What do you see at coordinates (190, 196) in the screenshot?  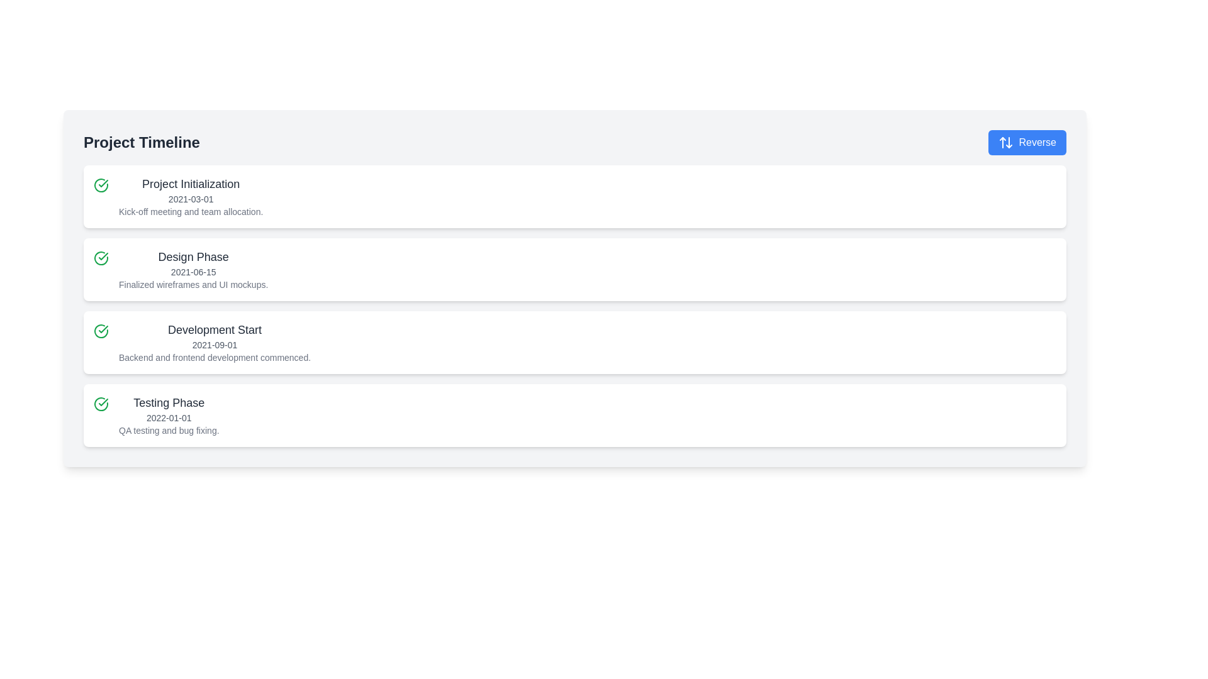 I see `text information displayed in the uppermost Text display block of the project phases list, which includes the title, date, and brief description of the project phase` at bounding box center [190, 196].